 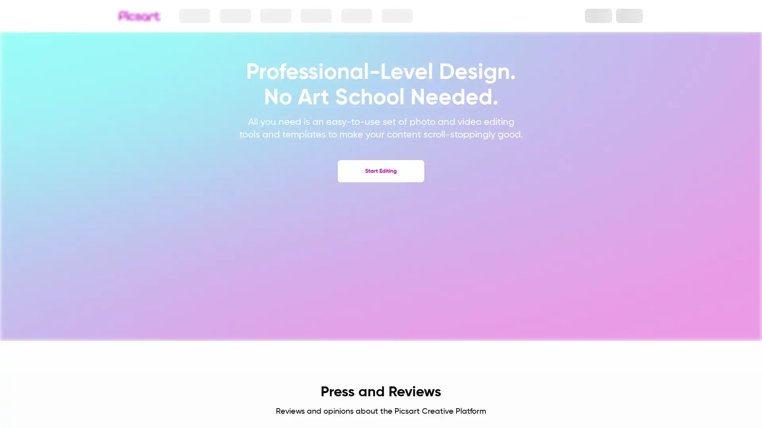 I want to click on Editing Tools and Features Menu, so click(x=276, y=15).